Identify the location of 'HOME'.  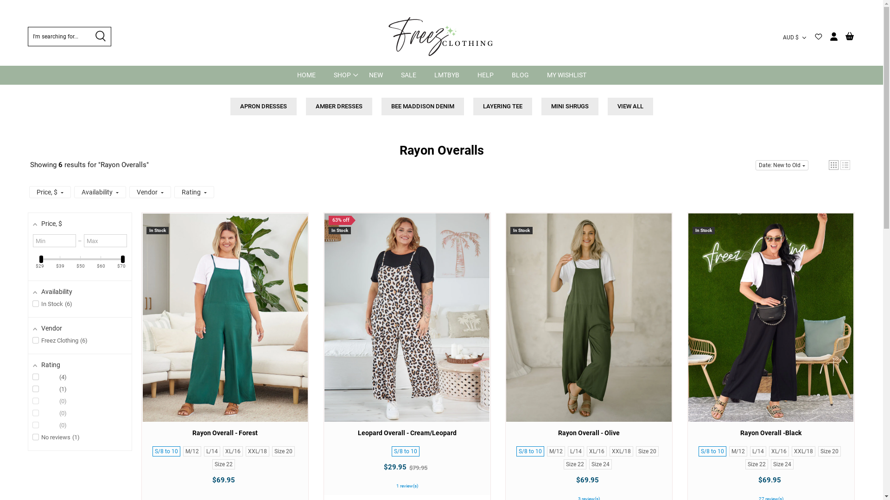
(288, 75).